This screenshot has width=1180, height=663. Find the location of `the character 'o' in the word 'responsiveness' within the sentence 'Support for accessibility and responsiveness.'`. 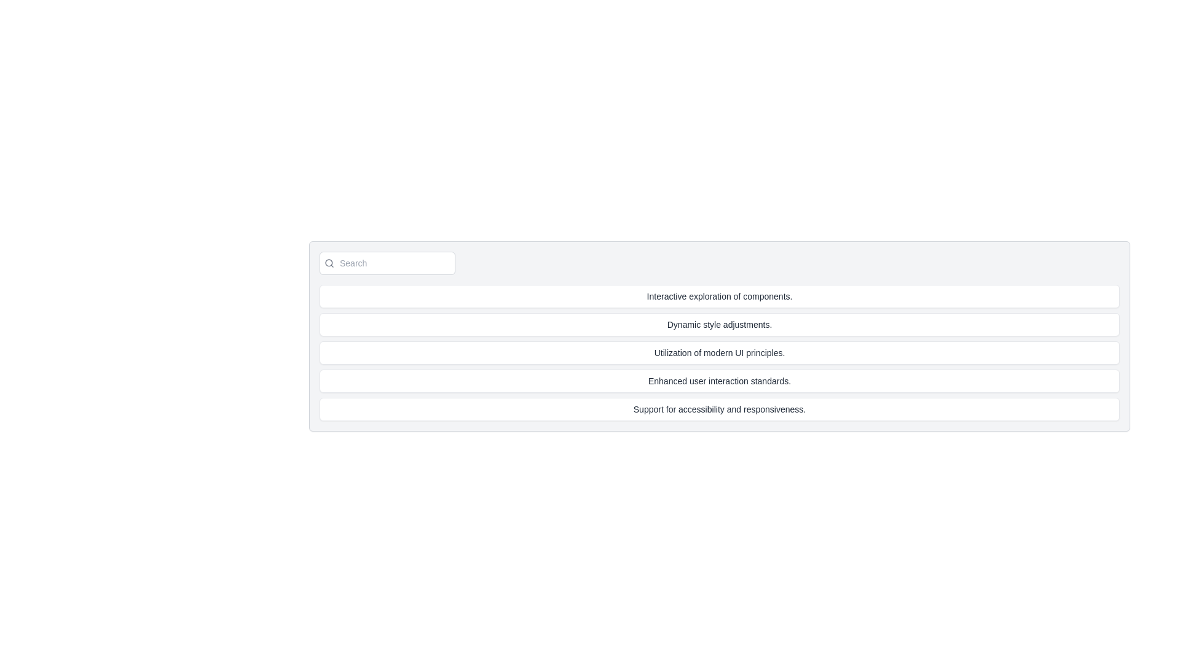

the character 'o' in the word 'responsiveness' within the sentence 'Support for accessibility and responsiveness.' is located at coordinates (762, 409).